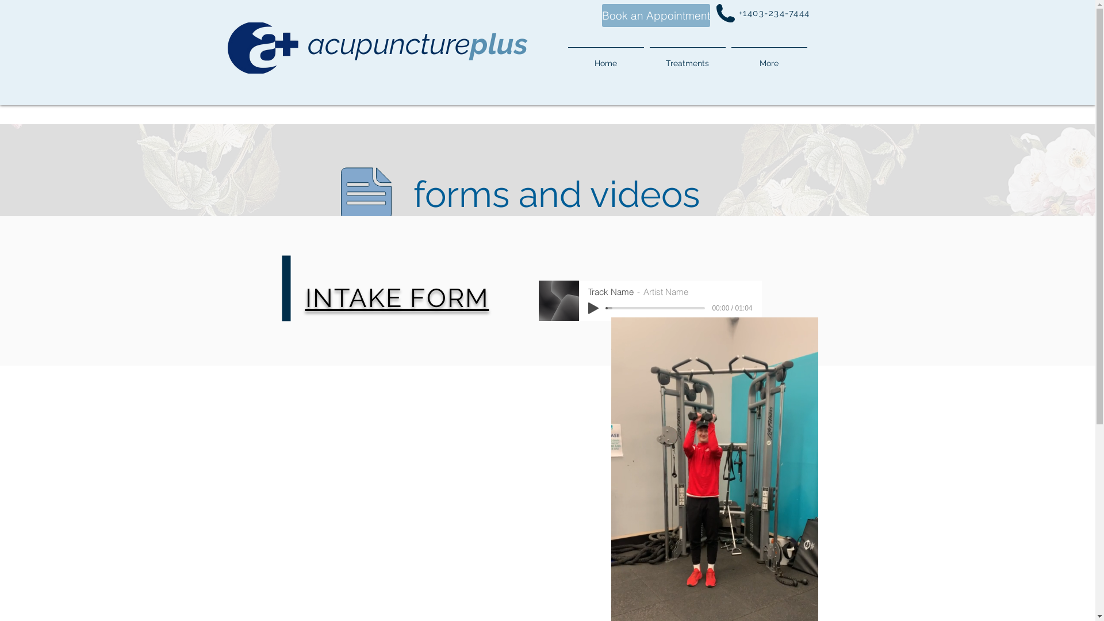 The height and width of the screenshot is (621, 1104). I want to click on 'INTAKE FORM', so click(397, 297).